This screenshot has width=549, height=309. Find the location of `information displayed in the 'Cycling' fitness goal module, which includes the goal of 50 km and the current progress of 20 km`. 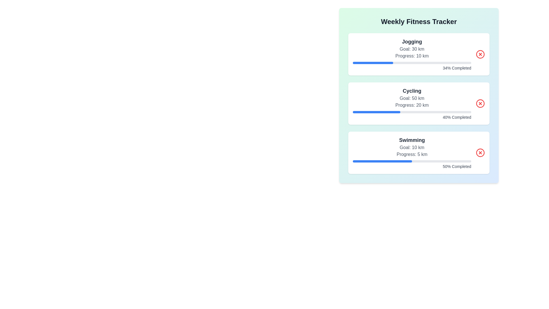

information displayed in the 'Cycling' fitness goal module, which includes the goal of 50 km and the current progress of 20 km is located at coordinates (412, 104).